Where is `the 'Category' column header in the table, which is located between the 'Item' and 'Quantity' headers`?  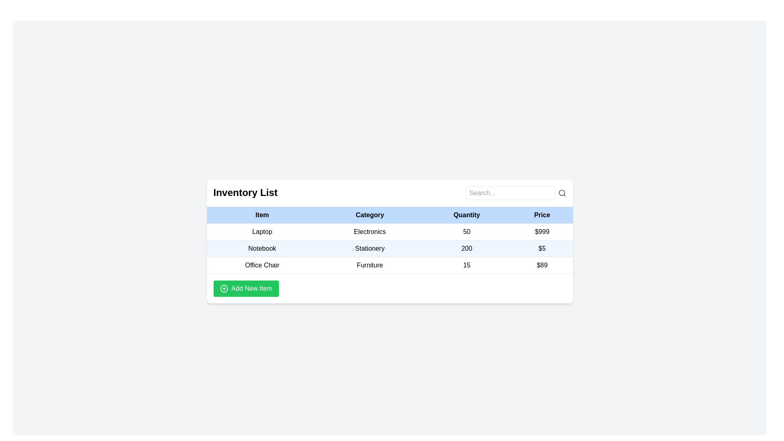
the 'Category' column header in the table, which is located between the 'Item' and 'Quantity' headers is located at coordinates (369, 214).